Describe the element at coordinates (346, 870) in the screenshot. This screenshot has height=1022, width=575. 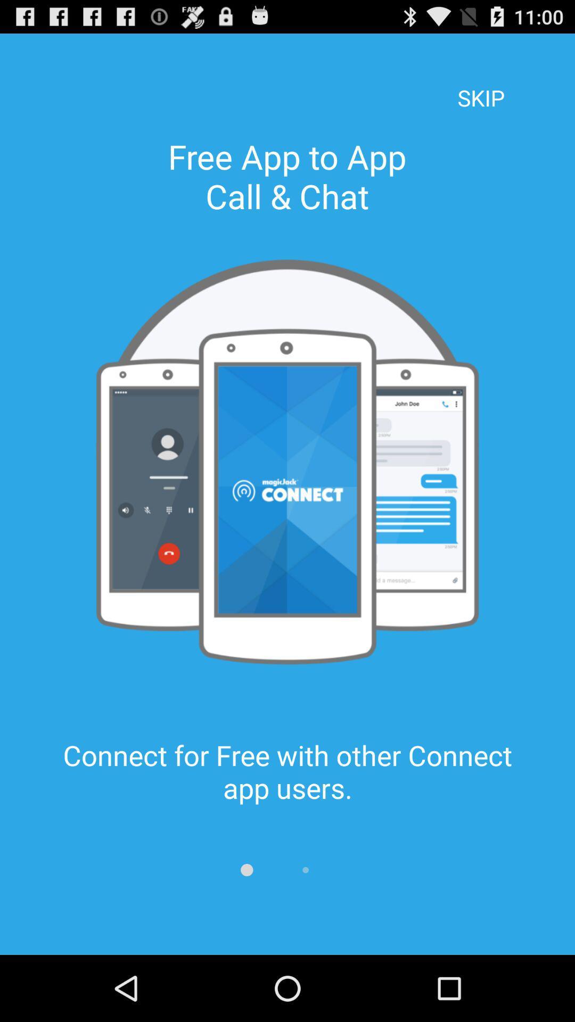
I see `item below connect for free` at that location.